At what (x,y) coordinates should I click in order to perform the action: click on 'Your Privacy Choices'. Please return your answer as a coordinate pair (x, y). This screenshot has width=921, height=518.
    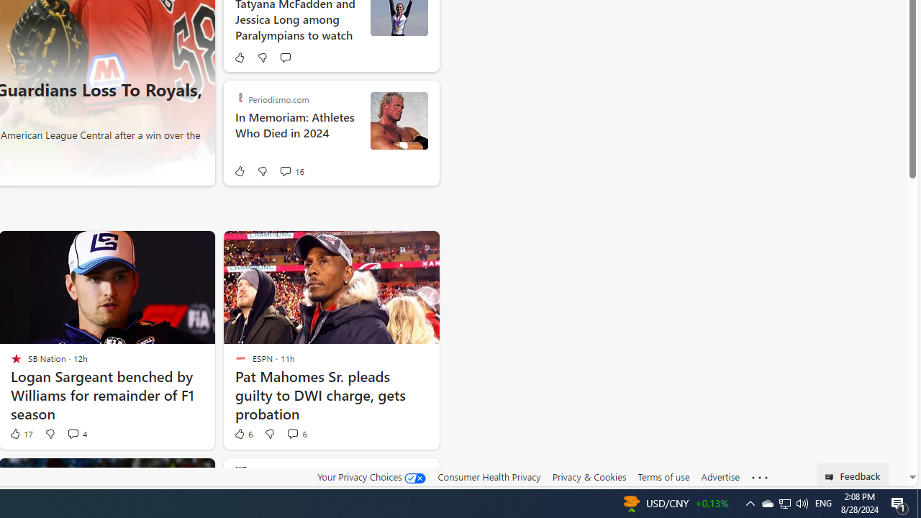
    Looking at the image, I should click on (372, 476).